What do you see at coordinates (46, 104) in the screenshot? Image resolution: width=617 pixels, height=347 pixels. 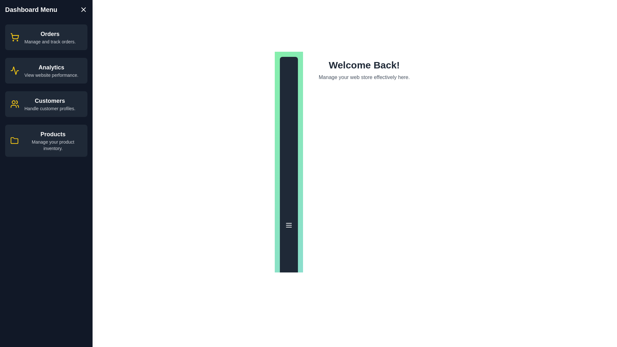 I see `the menu item labeled 'Customers' to view its hover effect` at bounding box center [46, 104].